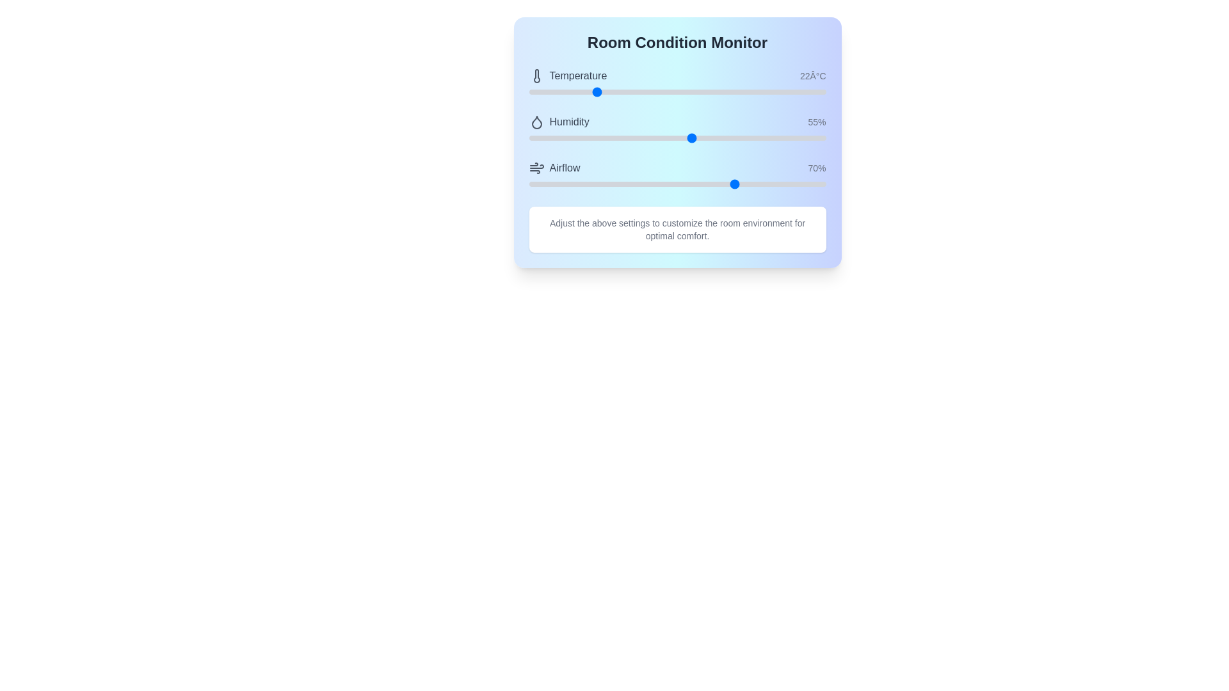 The height and width of the screenshot is (691, 1229). I want to click on and drag the 'Airflow' range slider to adjust the airflow level from its current value of 70%, so click(677, 184).